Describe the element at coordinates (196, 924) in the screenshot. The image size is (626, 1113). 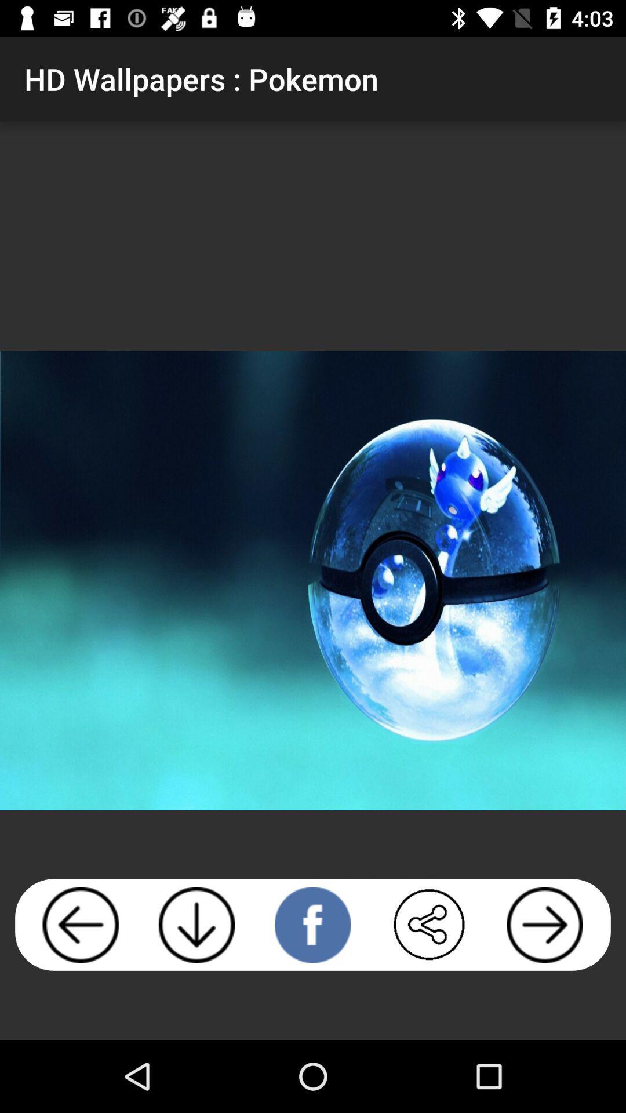
I see `the arrow_downward icon` at that location.